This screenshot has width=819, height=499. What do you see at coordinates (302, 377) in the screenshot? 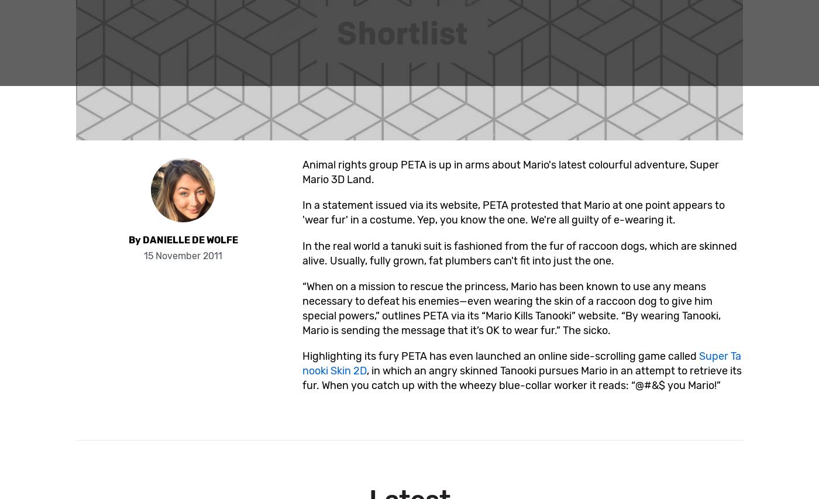
I see `', in which an angry skinned Tanooki pursues Mario in an attempt to retrieve its fur. When you catch up with the wheezy blue-collar worker it reads: “@#&$ you Mario!”'` at bounding box center [302, 377].